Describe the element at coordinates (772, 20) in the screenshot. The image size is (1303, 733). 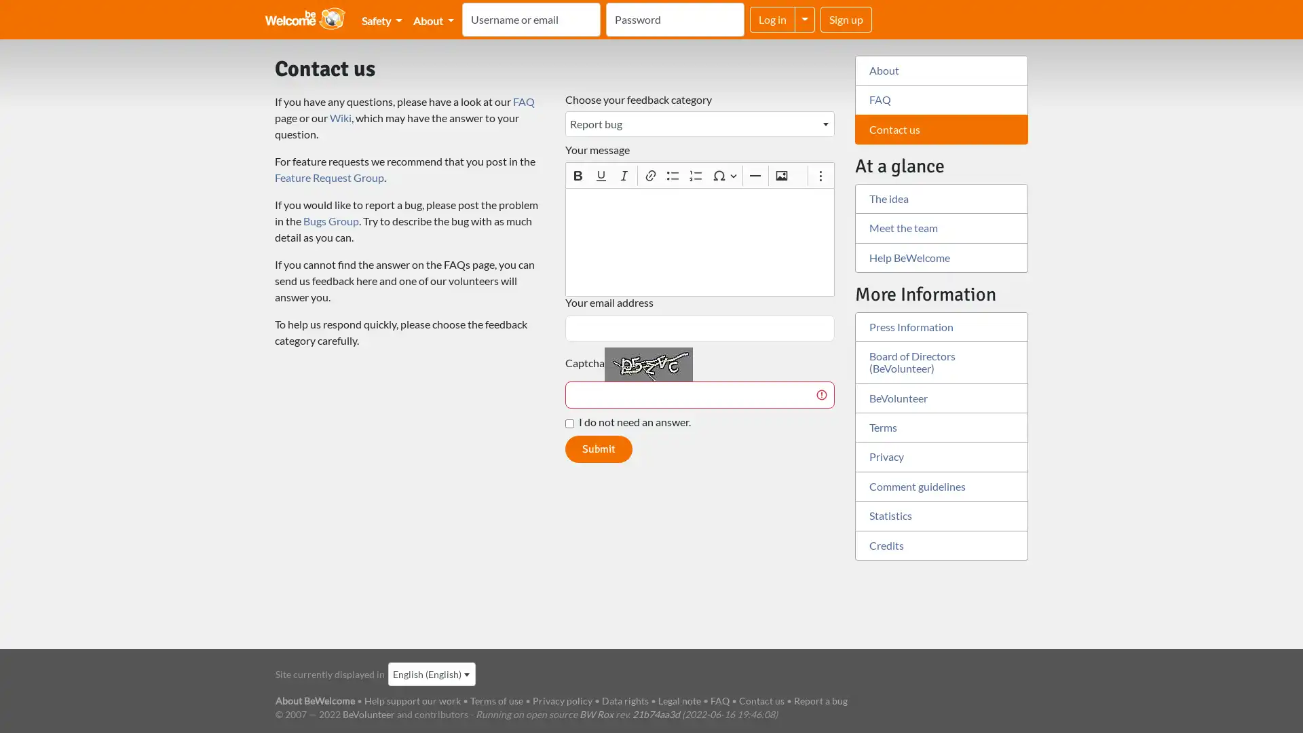
I see `Log in` at that location.